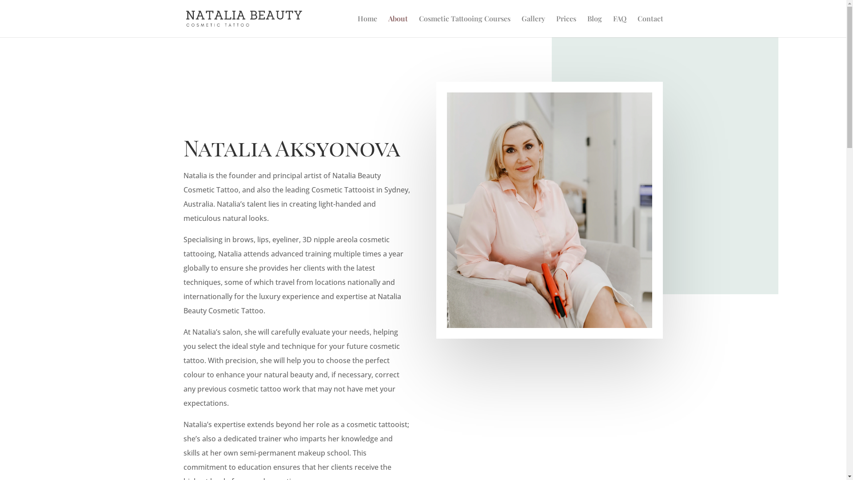  Describe the element at coordinates (566, 26) in the screenshot. I see `'Prices'` at that location.